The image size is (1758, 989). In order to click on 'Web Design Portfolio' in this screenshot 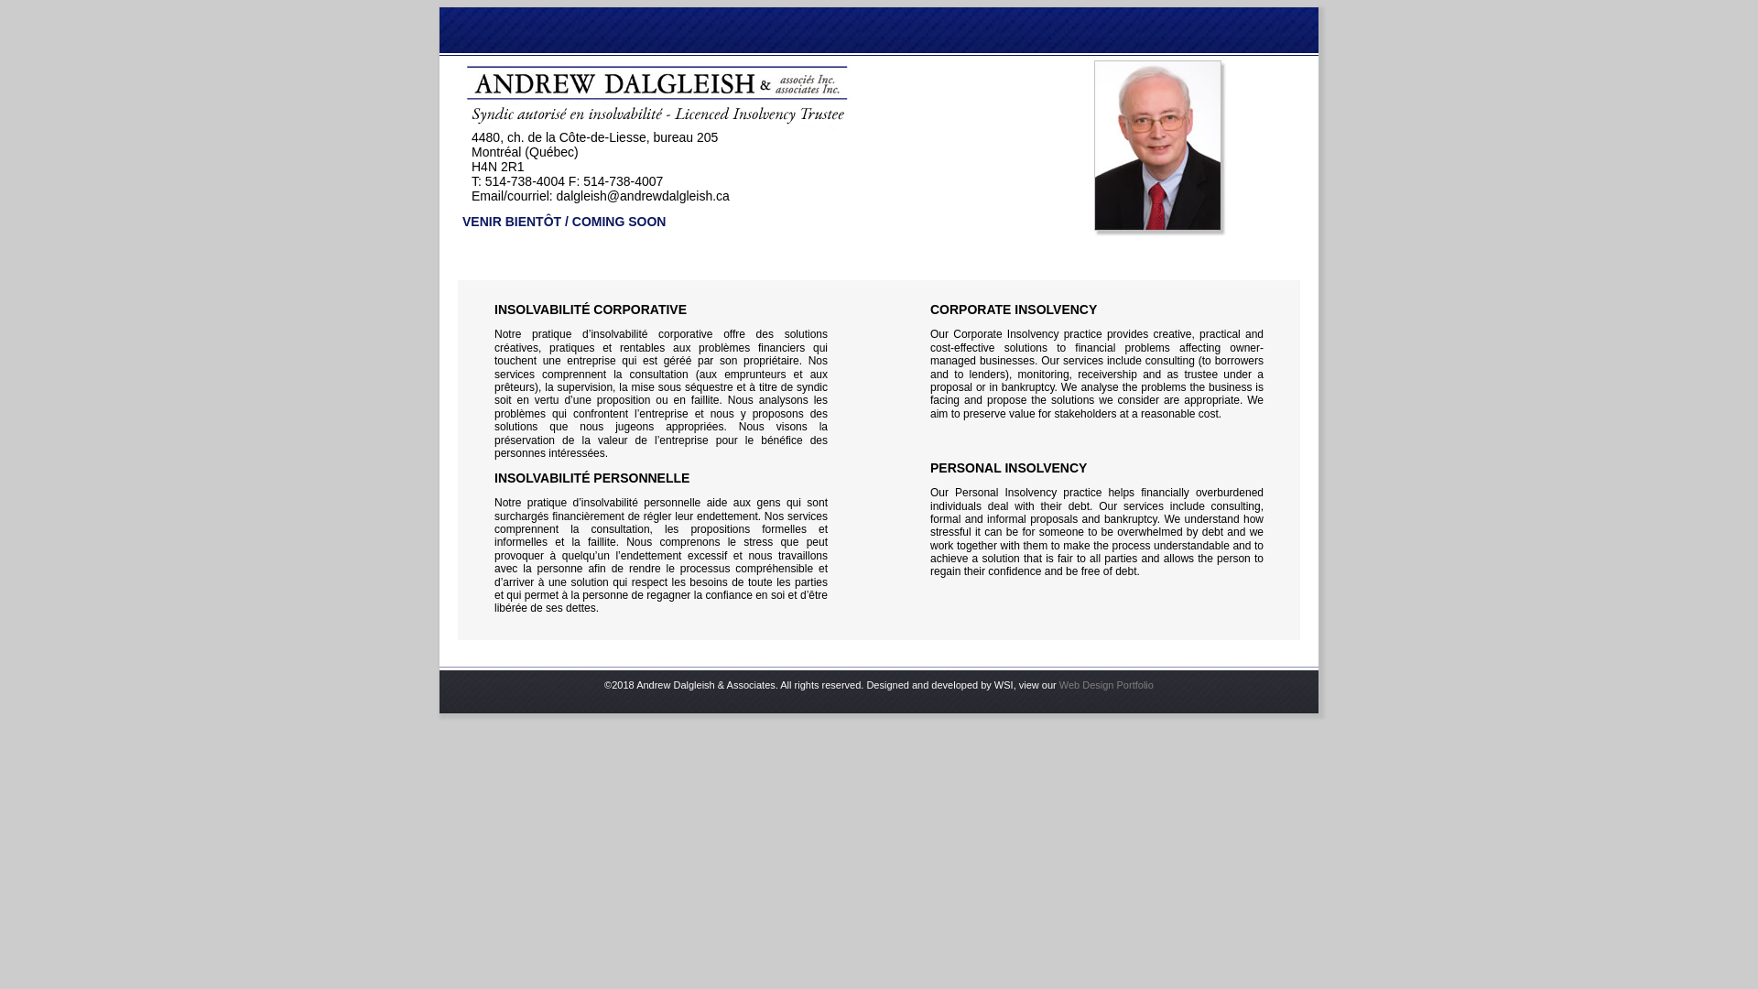, I will do `click(1105, 685)`.